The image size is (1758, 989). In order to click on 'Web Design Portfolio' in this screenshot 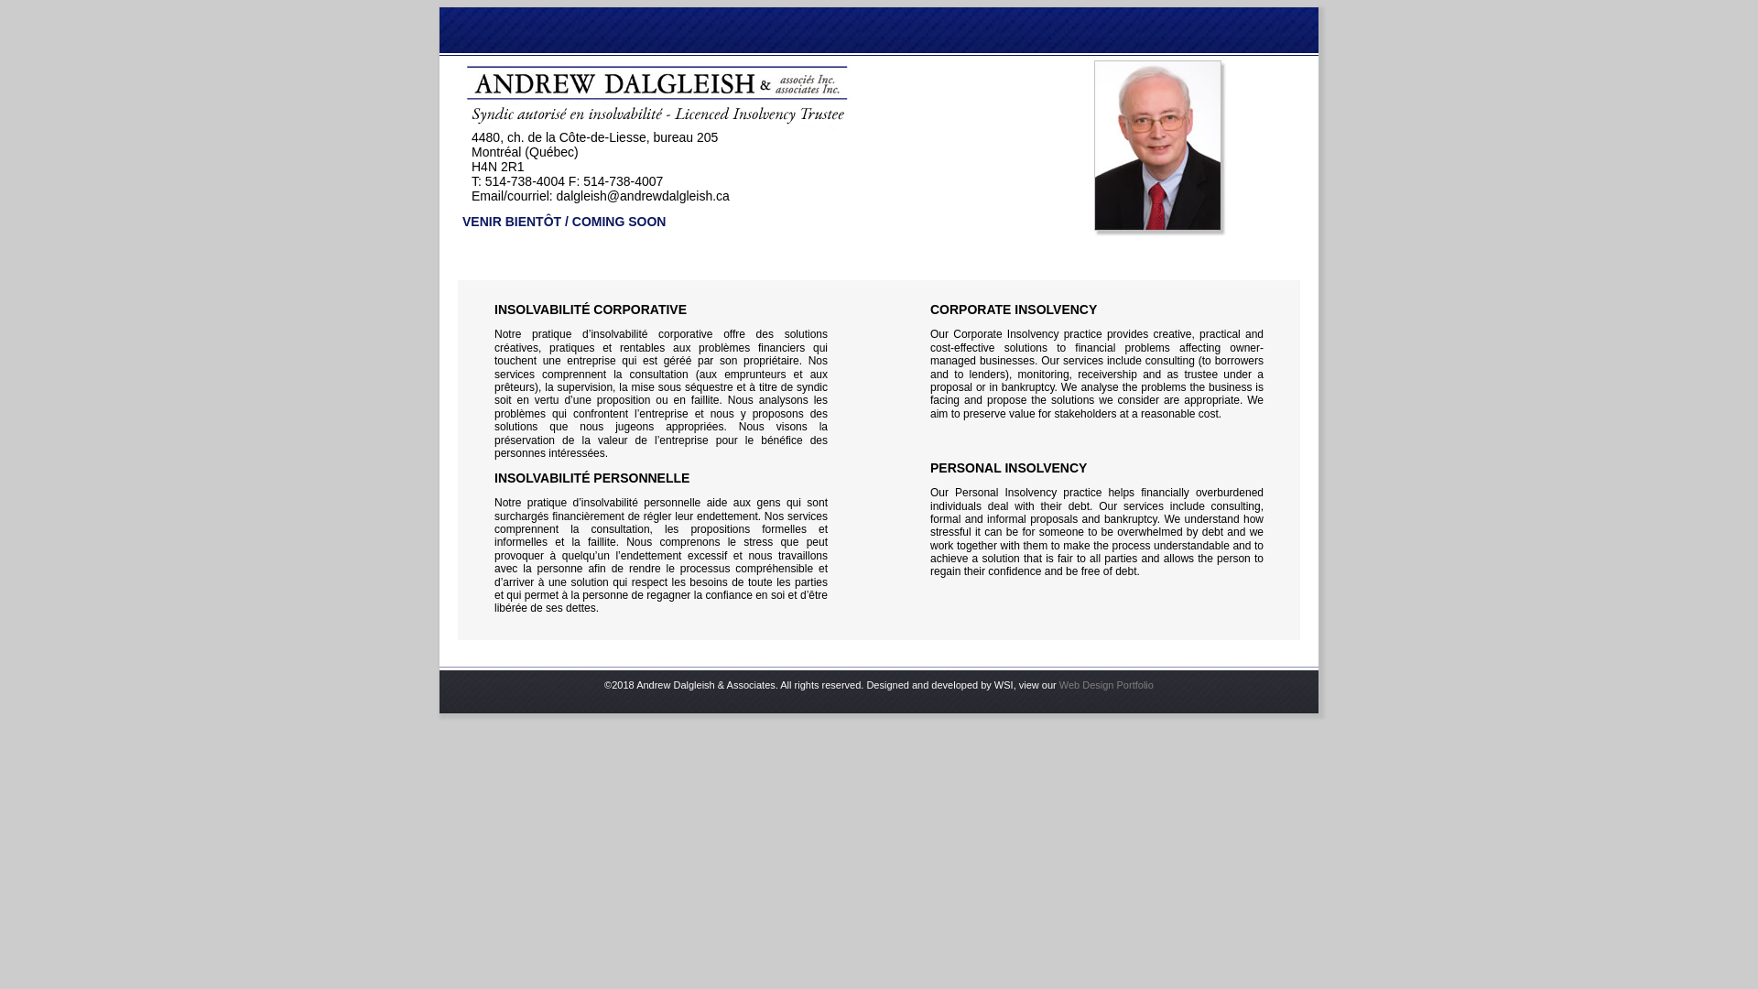, I will do `click(1105, 685)`.